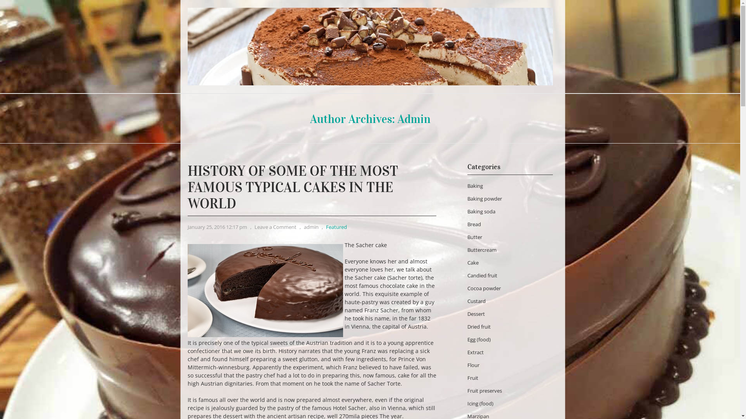 The image size is (746, 419). I want to click on 'Butter', so click(474, 236).